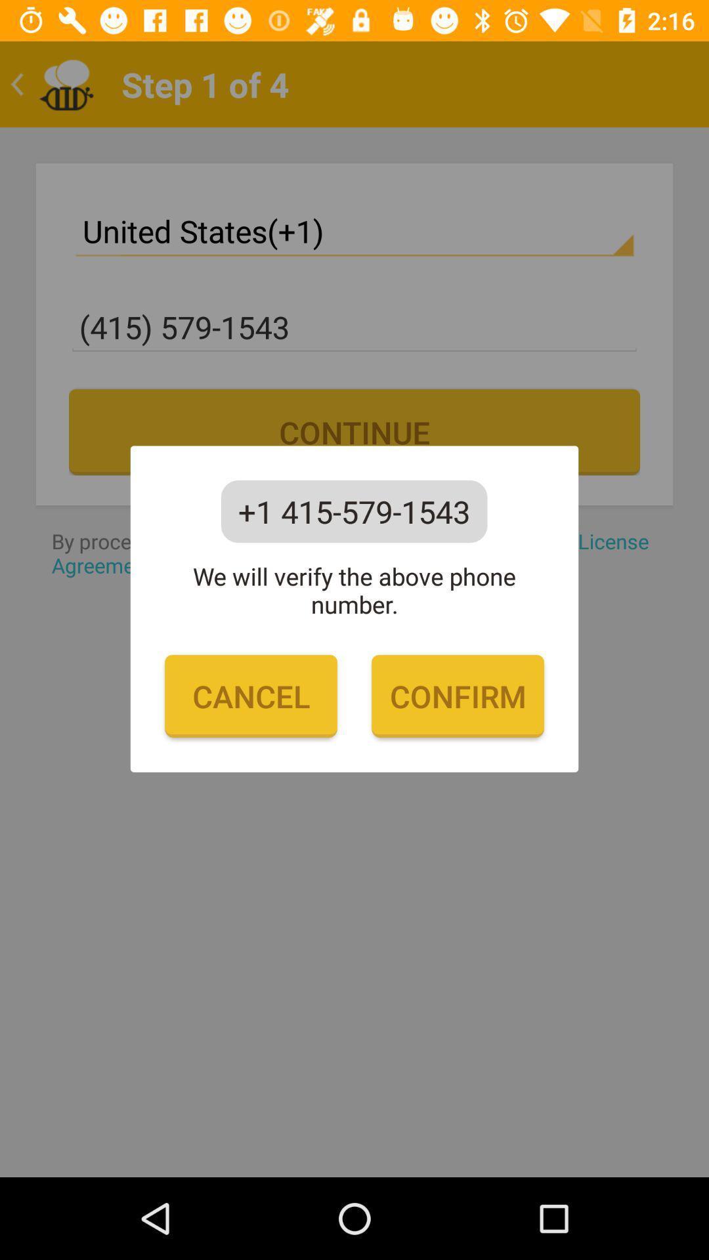 Image resolution: width=709 pixels, height=1260 pixels. What do you see at coordinates (251, 696) in the screenshot?
I see `the icon below we will verify` at bounding box center [251, 696].